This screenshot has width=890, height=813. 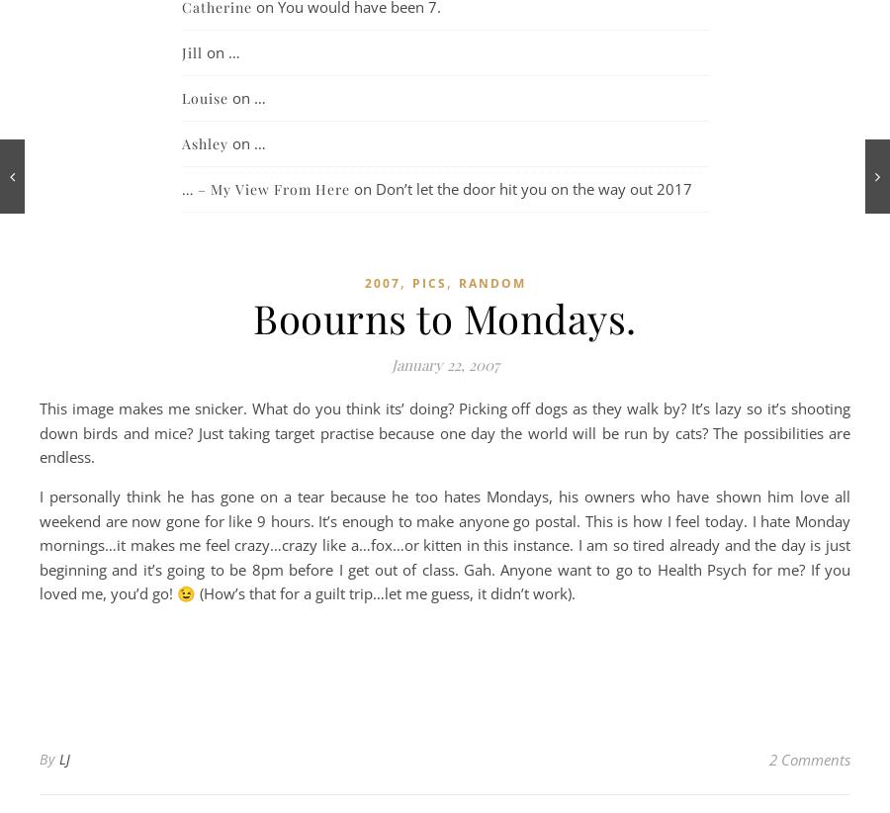 I want to click on 'LJ', so click(x=62, y=757).